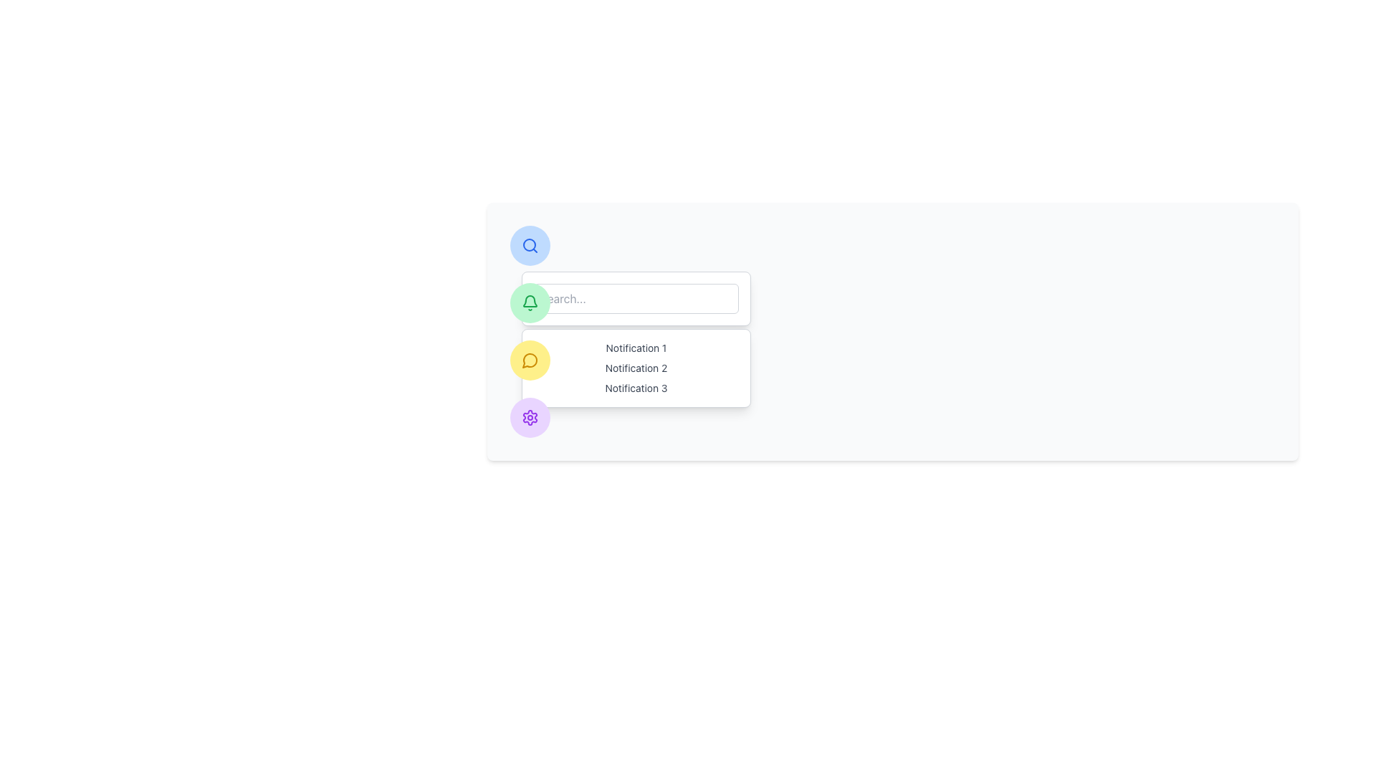 This screenshot has height=774, width=1376. Describe the element at coordinates (529, 360) in the screenshot. I see `the decorative speech bubble icon with a bold outline located inside the green-circled button, which is the second button from the top in a vertical button group` at that location.